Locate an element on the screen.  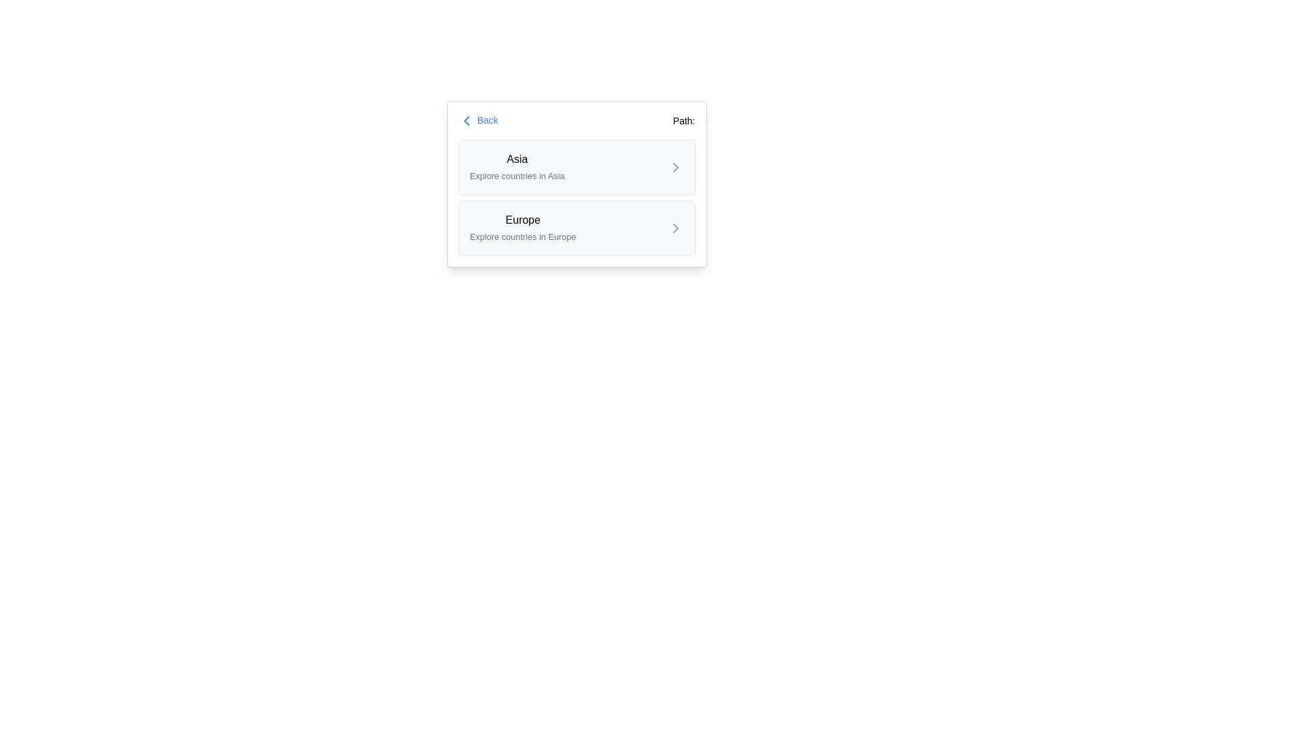
the left-pointing chevron icon used for navigation, located at the leftmost end of the navigation bar is located at coordinates (466, 120).